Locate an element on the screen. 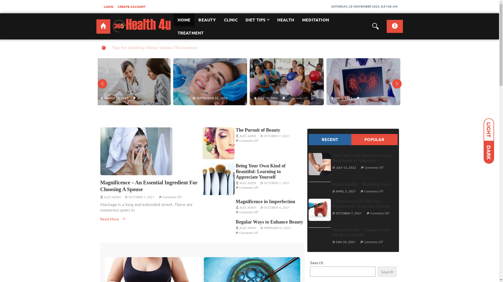 This screenshot has height=282, width=503. 'FEBRUARY 6, 2021' is located at coordinates (277, 227).